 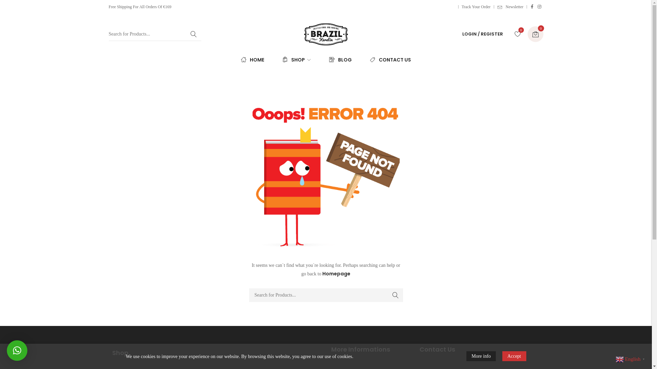 I want to click on '0', so click(x=535, y=34).